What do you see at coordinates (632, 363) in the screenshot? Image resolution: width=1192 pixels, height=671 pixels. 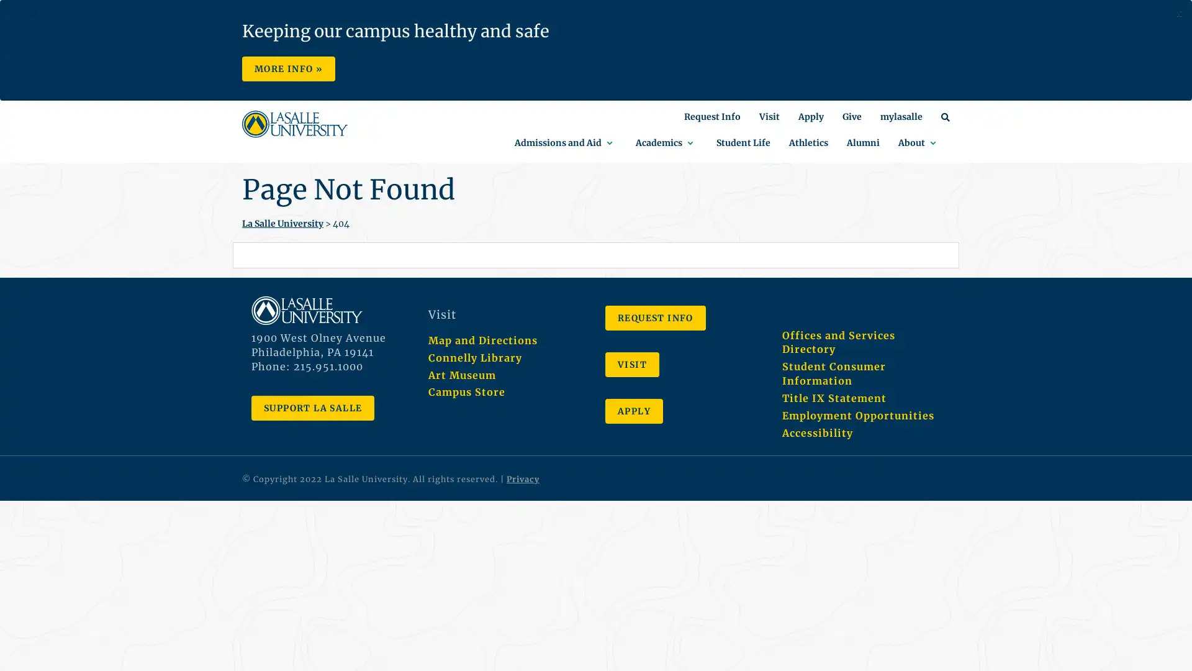 I see `VISIT` at bounding box center [632, 363].